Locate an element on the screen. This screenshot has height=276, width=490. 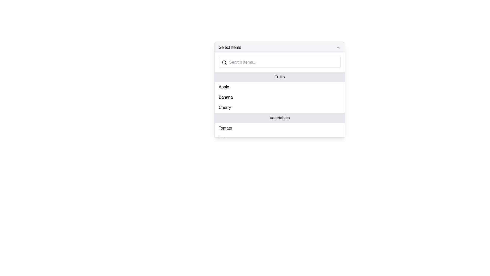
the upward-pointing chevron icon at the far right of the 'Select Items' dropdown header is located at coordinates (338, 47).